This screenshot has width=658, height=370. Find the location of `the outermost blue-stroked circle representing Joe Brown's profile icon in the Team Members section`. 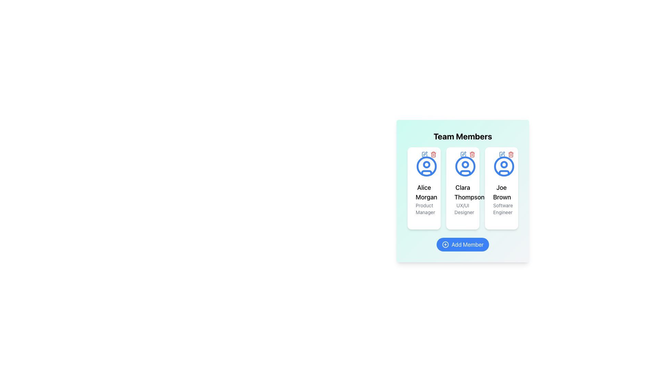

the outermost blue-stroked circle representing Joe Brown's profile icon in the Team Members section is located at coordinates (504, 166).